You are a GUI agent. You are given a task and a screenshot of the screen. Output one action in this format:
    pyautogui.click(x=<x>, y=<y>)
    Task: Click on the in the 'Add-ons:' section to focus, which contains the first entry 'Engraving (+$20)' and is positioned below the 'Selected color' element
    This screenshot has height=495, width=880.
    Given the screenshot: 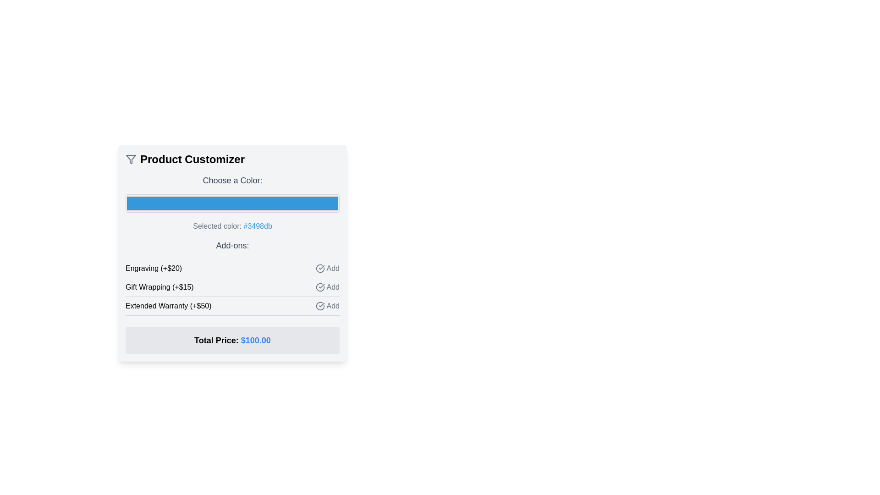 What is the action you would take?
    pyautogui.click(x=232, y=277)
    